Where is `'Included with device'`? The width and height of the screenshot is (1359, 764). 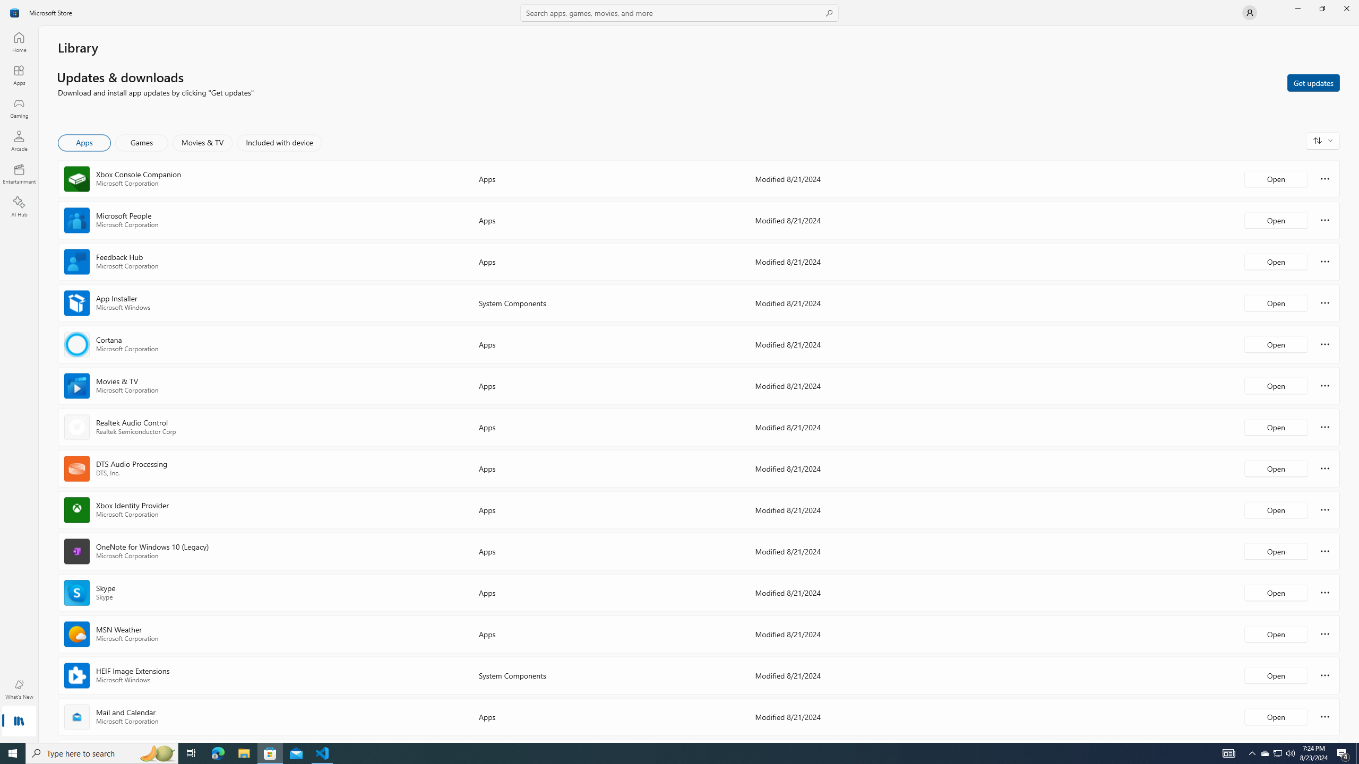
'Included with device' is located at coordinates (279, 142).